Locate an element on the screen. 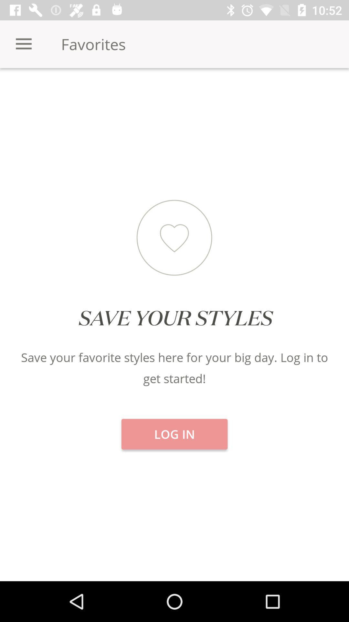 This screenshot has width=349, height=622. the icon next to featured is located at coordinates (58, 90).